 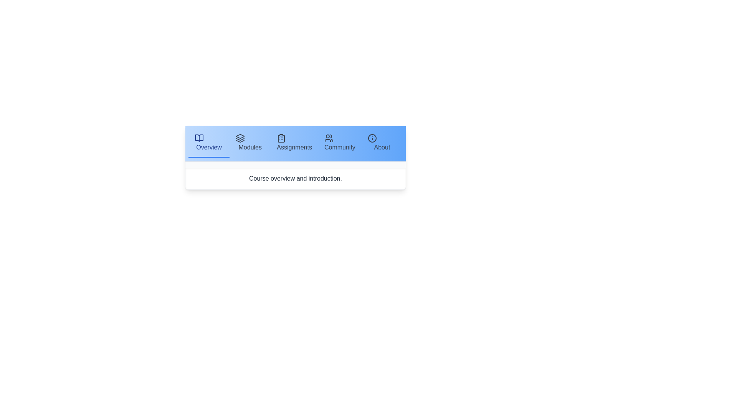 What do you see at coordinates (329, 138) in the screenshot?
I see `the community icon located in the fourth navigation tab from the left, which directs to the community section` at bounding box center [329, 138].